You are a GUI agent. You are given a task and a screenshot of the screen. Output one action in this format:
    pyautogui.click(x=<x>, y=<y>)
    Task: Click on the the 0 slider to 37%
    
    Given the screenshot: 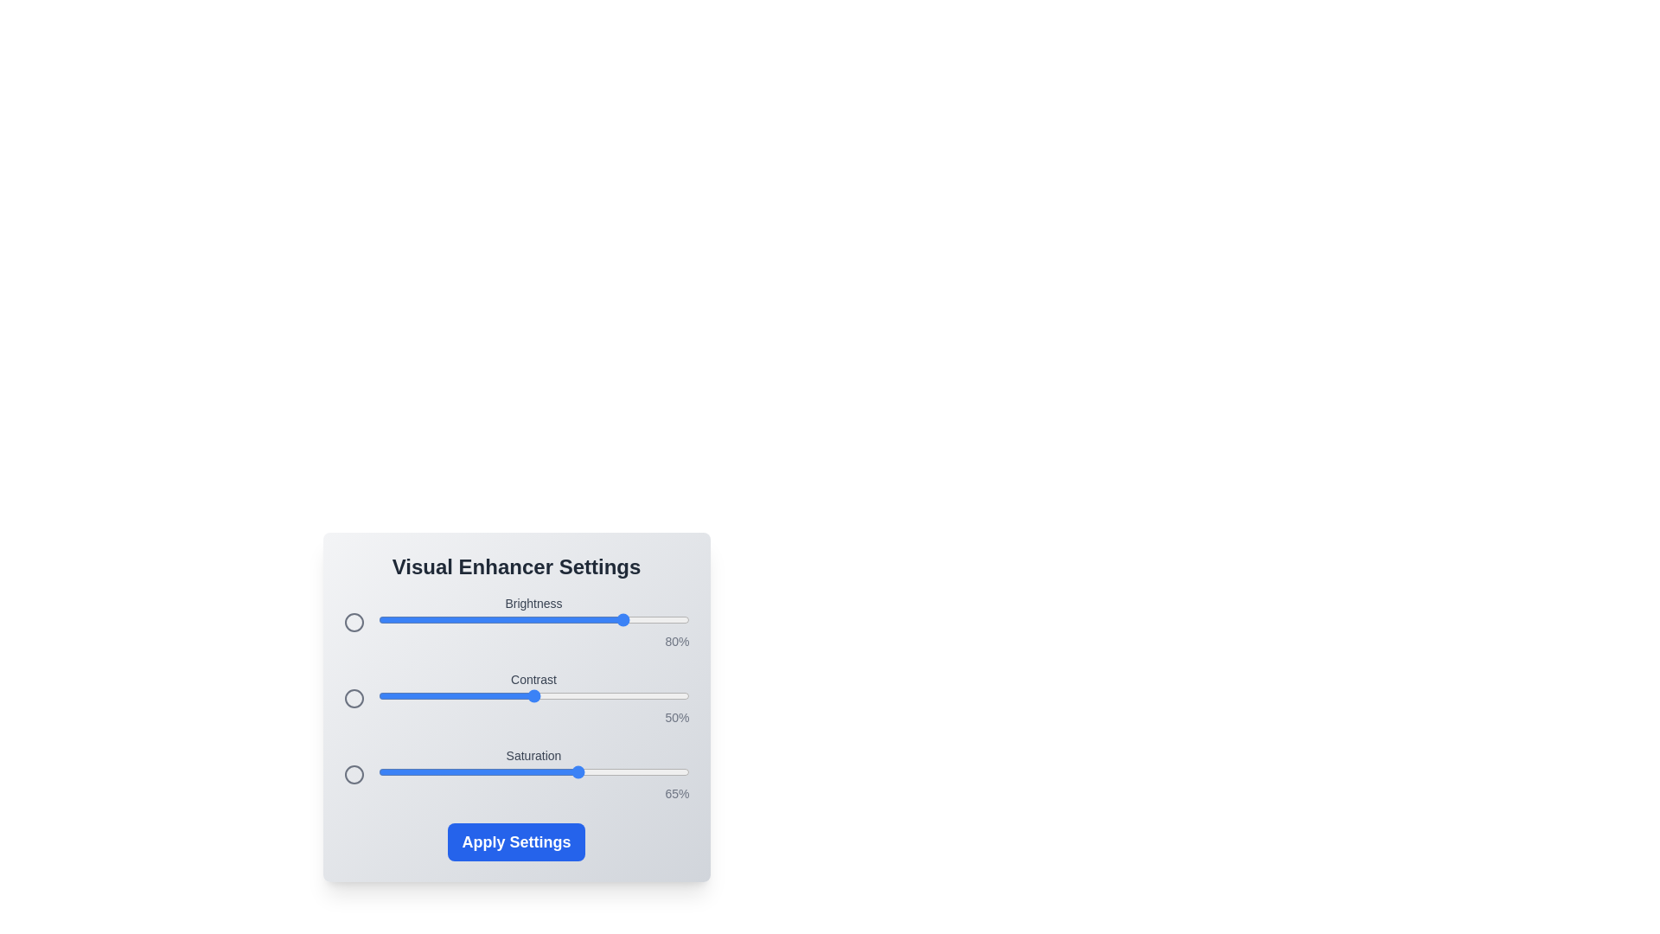 What is the action you would take?
    pyautogui.click(x=492, y=619)
    